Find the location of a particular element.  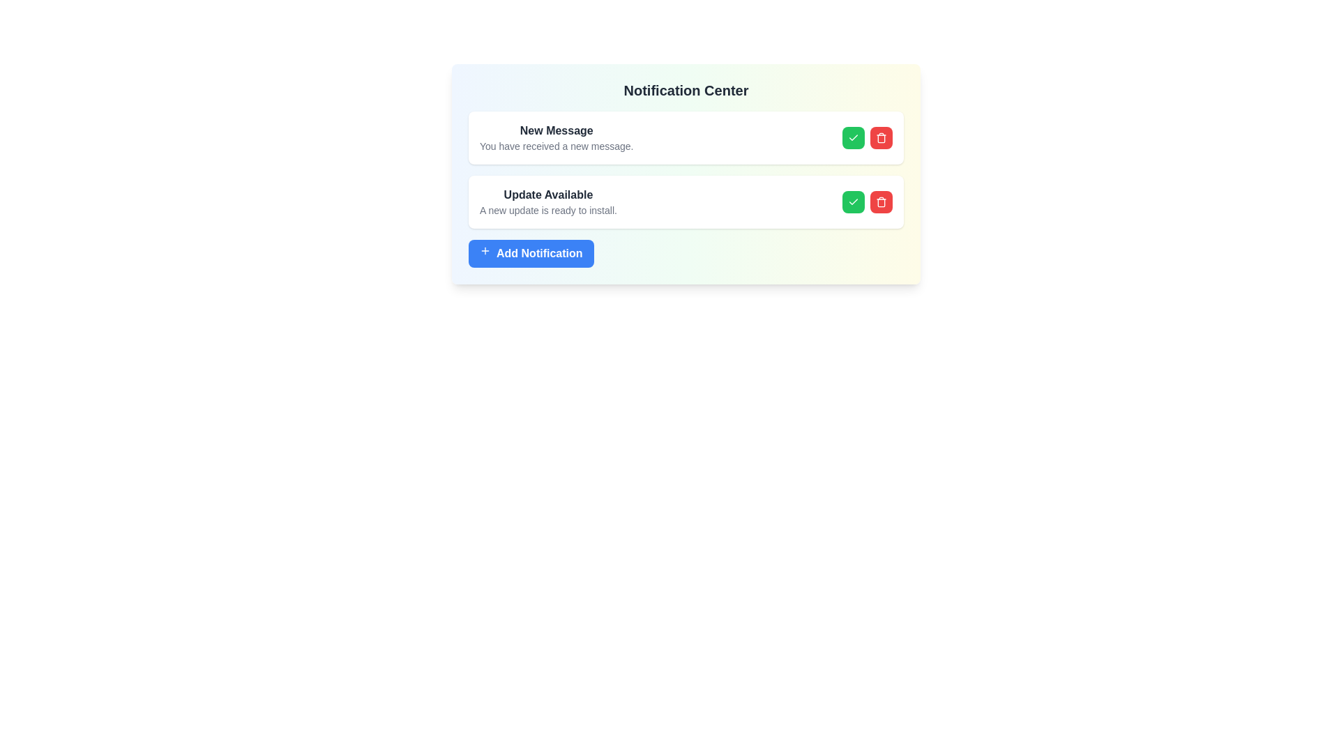

the trash can icon button with a red background located in the far right of the action buttons within the second notification card labeled 'Update Available' is located at coordinates (880, 201).